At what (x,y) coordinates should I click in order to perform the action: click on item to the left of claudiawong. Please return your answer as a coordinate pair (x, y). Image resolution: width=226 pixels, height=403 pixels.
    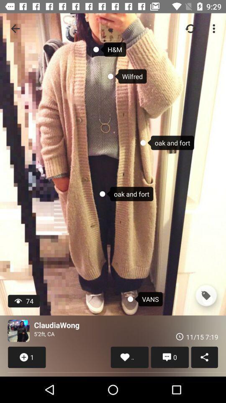
    Looking at the image, I should click on (18, 331).